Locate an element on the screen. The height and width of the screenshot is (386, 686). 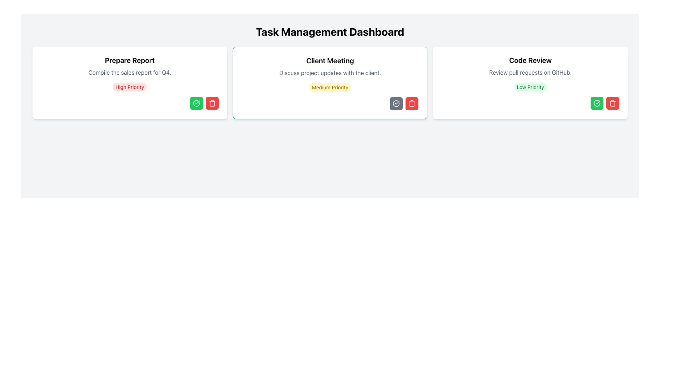
the green button with a checkmark icon located in the bottom-right corner of the 'Code Review' task card is located at coordinates (597, 103).